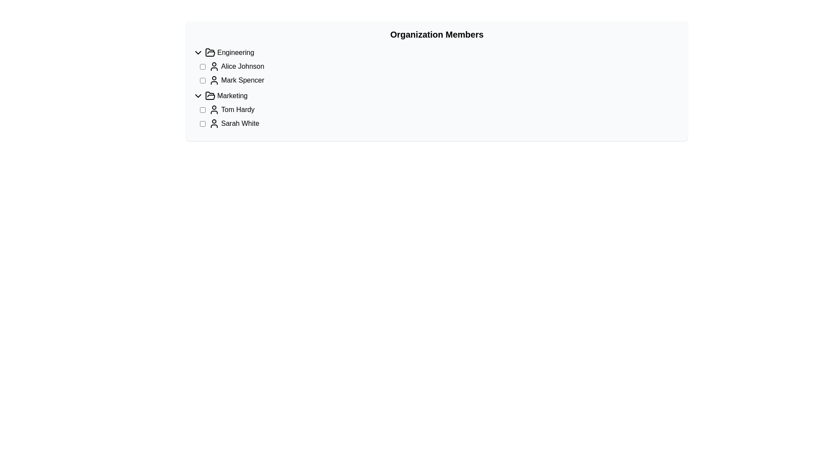  Describe the element at coordinates (210, 96) in the screenshot. I see `the expanded folder icon for the 'Marketing' section, which is located to the left of the text 'Marketing'` at that location.